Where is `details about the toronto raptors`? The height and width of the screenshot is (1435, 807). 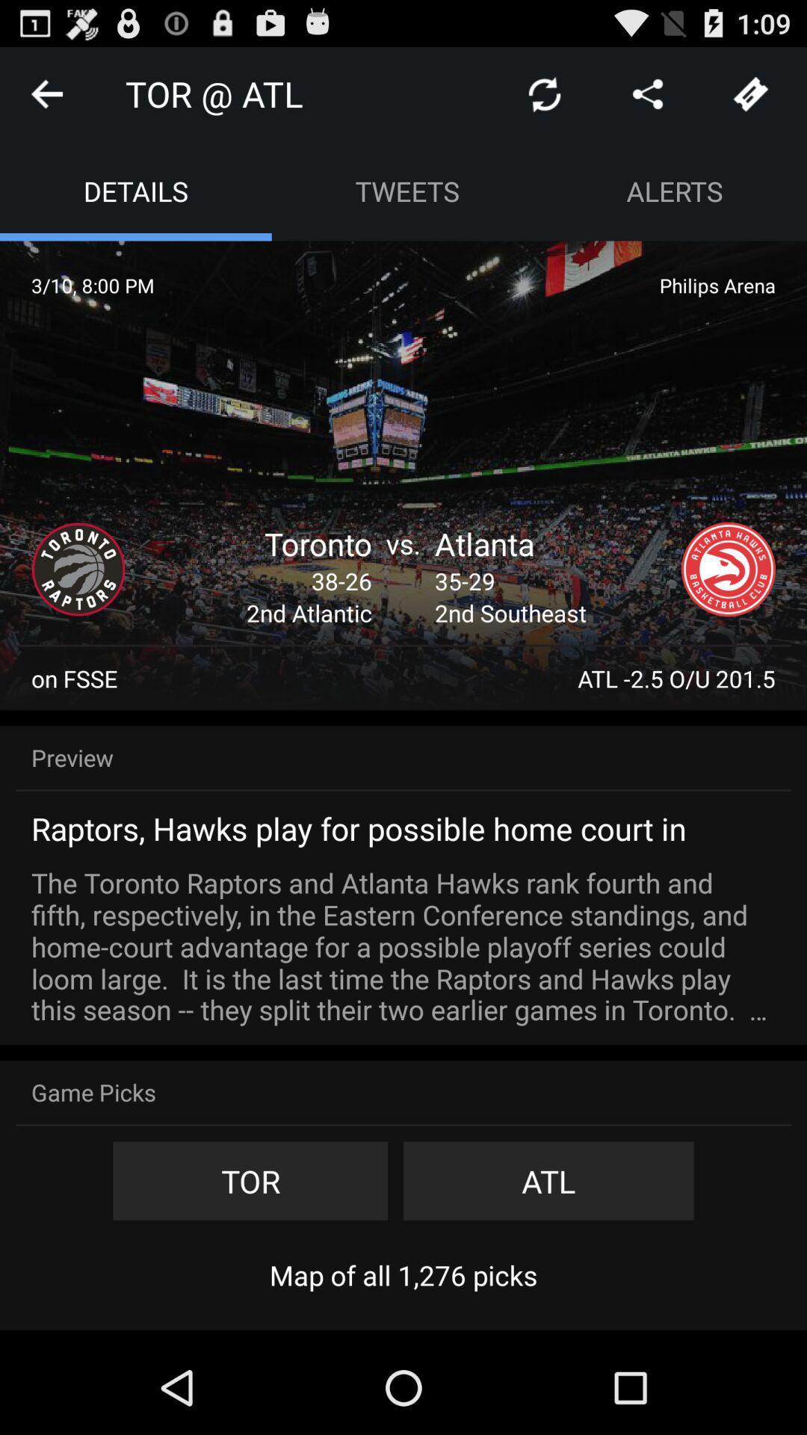
details about the toronto raptors is located at coordinates (78, 569).